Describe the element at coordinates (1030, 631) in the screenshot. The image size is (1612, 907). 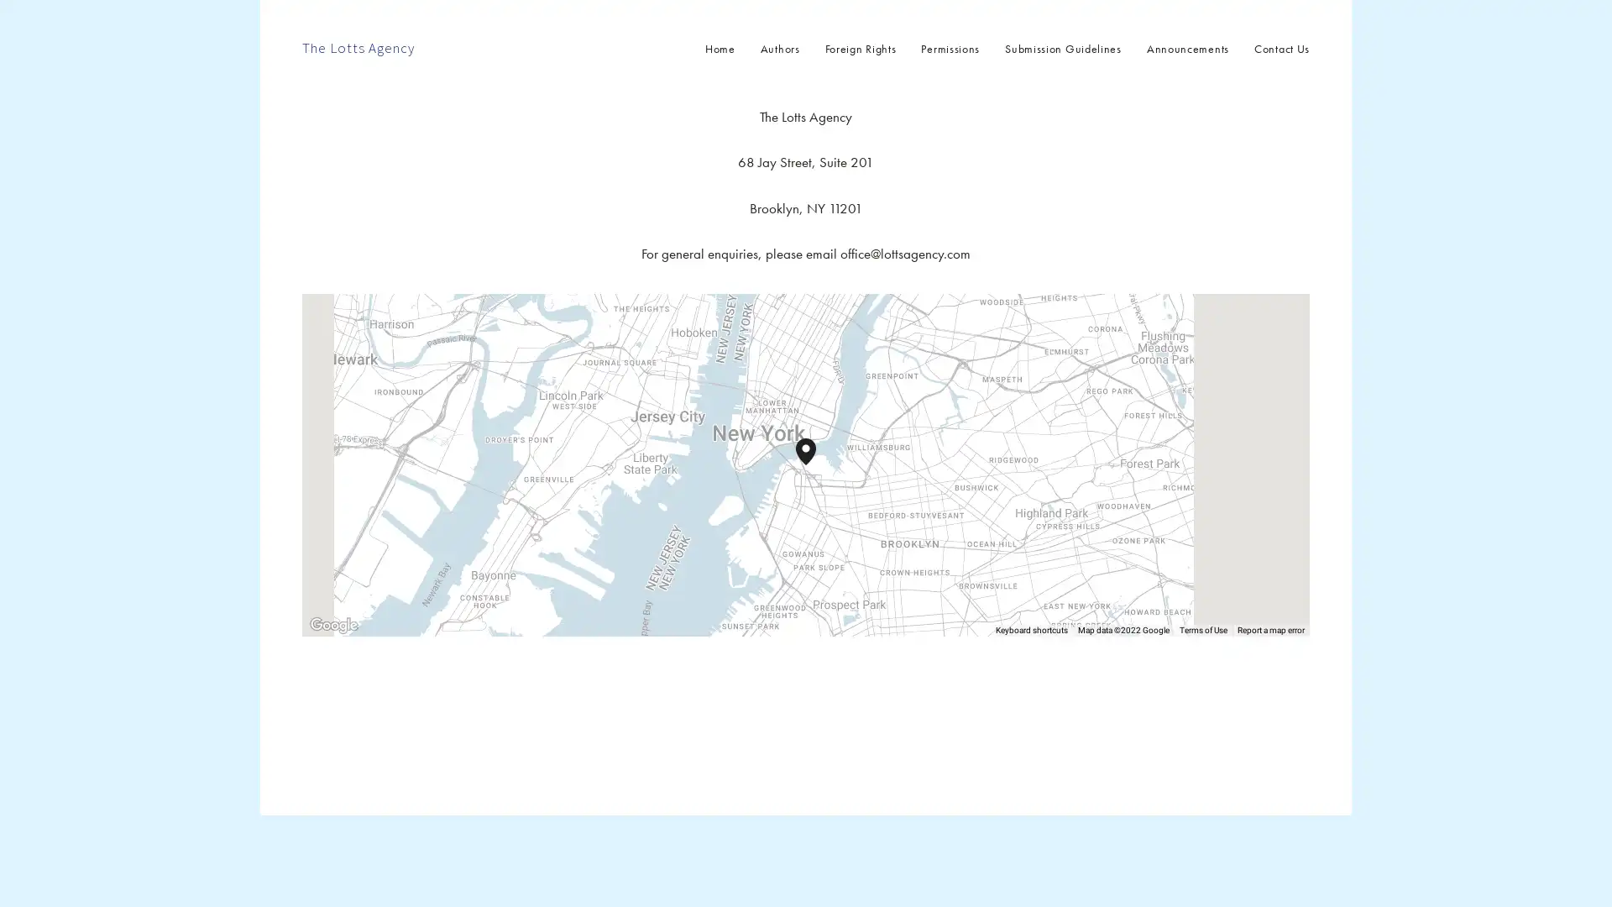
I see `Keyboard shortcuts` at that location.